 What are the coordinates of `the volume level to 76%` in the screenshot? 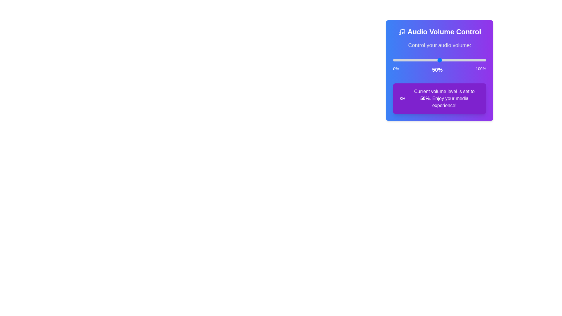 It's located at (463, 60).